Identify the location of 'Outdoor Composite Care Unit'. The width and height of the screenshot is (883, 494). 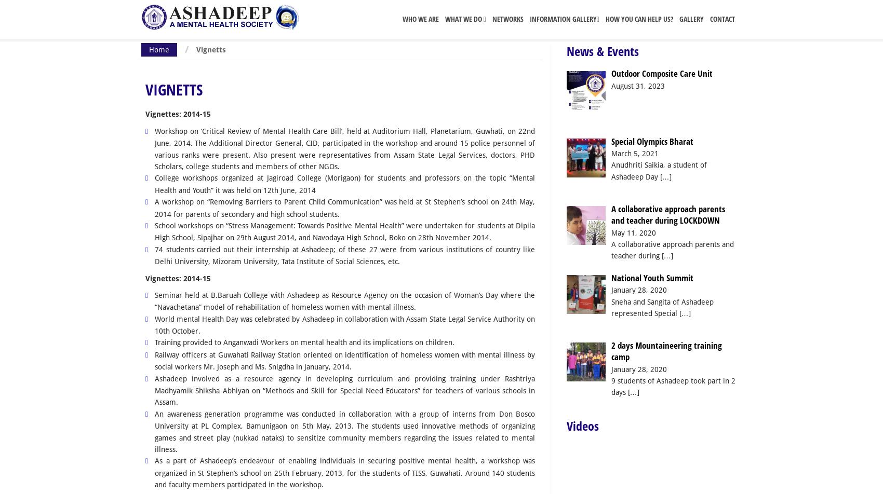
(661, 73).